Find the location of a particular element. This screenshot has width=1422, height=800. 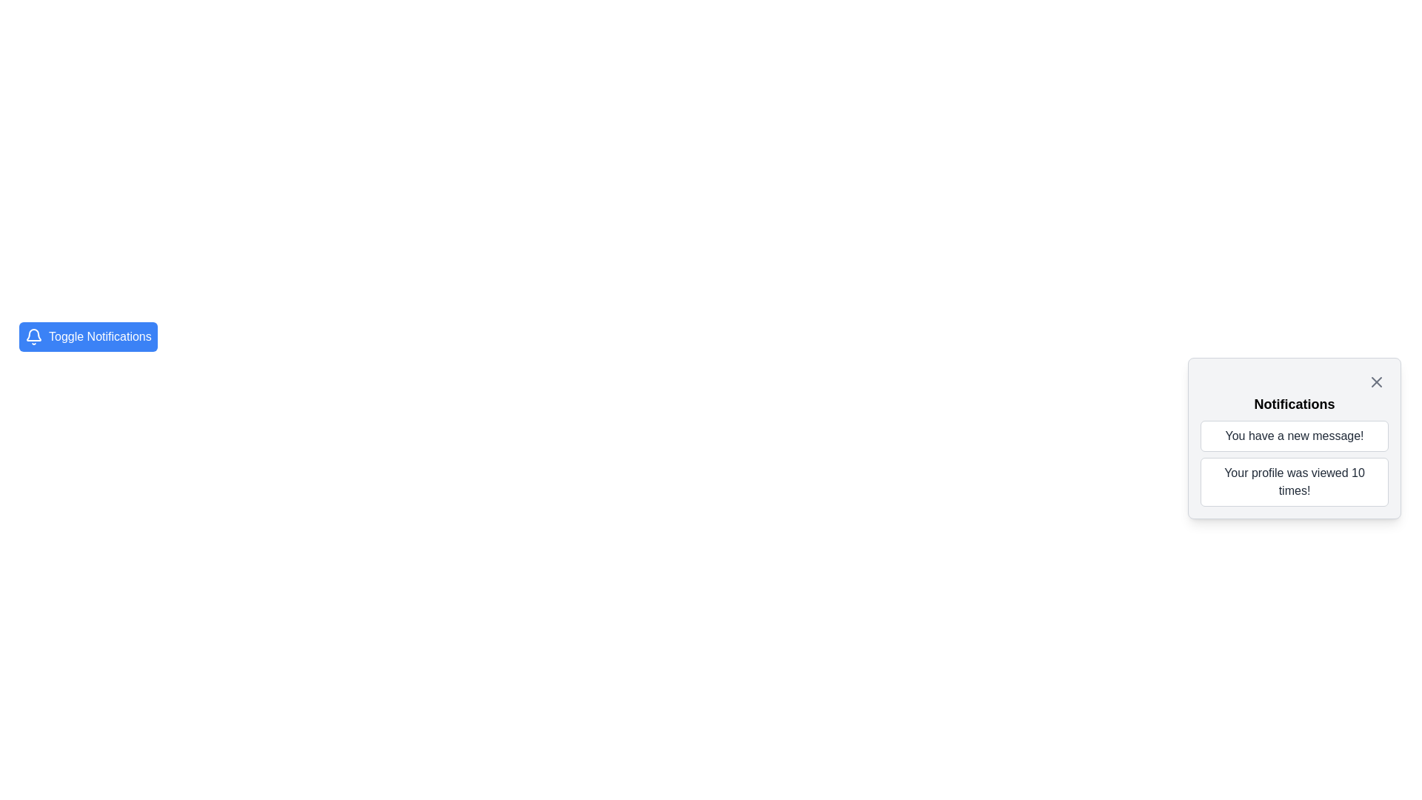

the button that toggles notification settings is located at coordinates (87, 337).